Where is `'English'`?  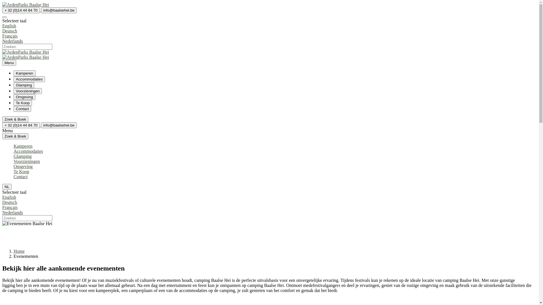 'English' is located at coordinates (2, 197).